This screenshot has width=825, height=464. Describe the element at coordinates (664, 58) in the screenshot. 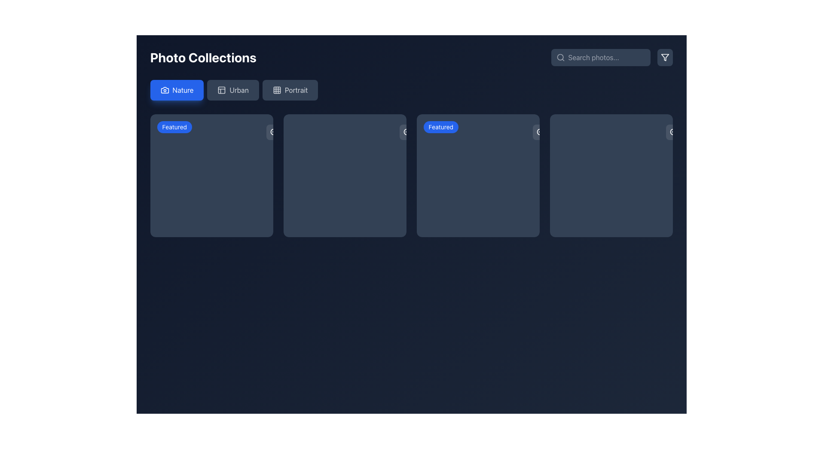

I see `the filtering icon located in the top-right corner of the interface, adjacent to the search bar` at that location.